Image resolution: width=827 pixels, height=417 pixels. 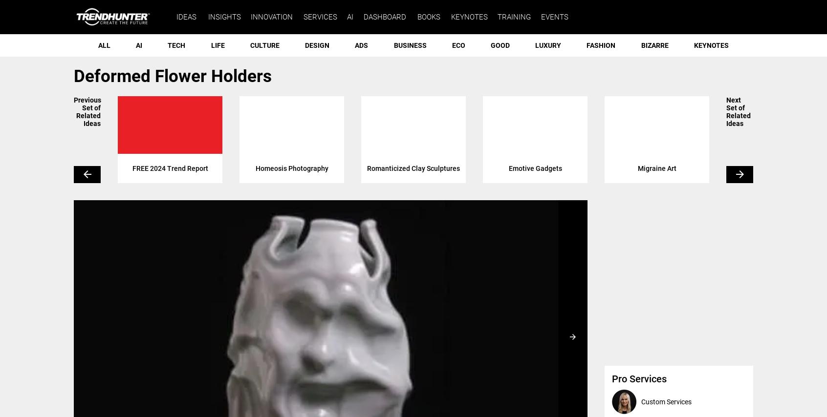 I want to click on 'Ads', so click(x=361, y=45).